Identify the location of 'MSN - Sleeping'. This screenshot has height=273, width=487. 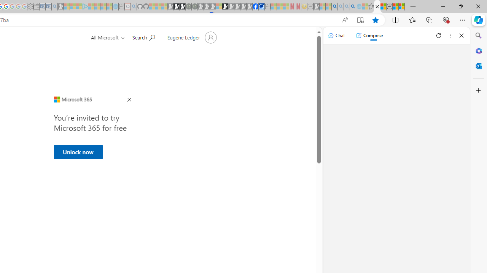
(316, 6).